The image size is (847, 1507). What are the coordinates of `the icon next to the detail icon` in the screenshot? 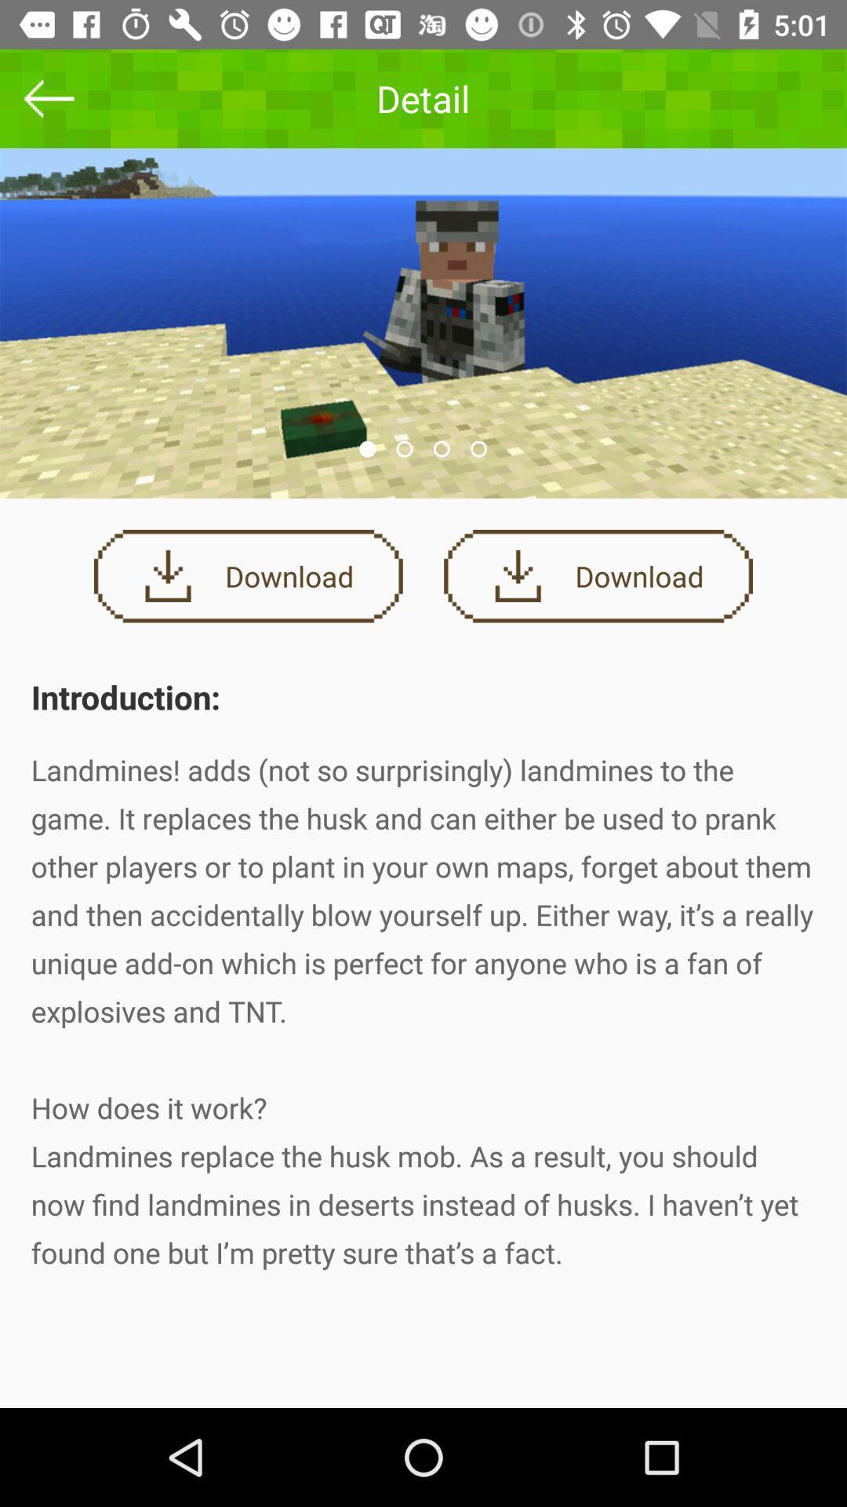 It's located at (48, 97).